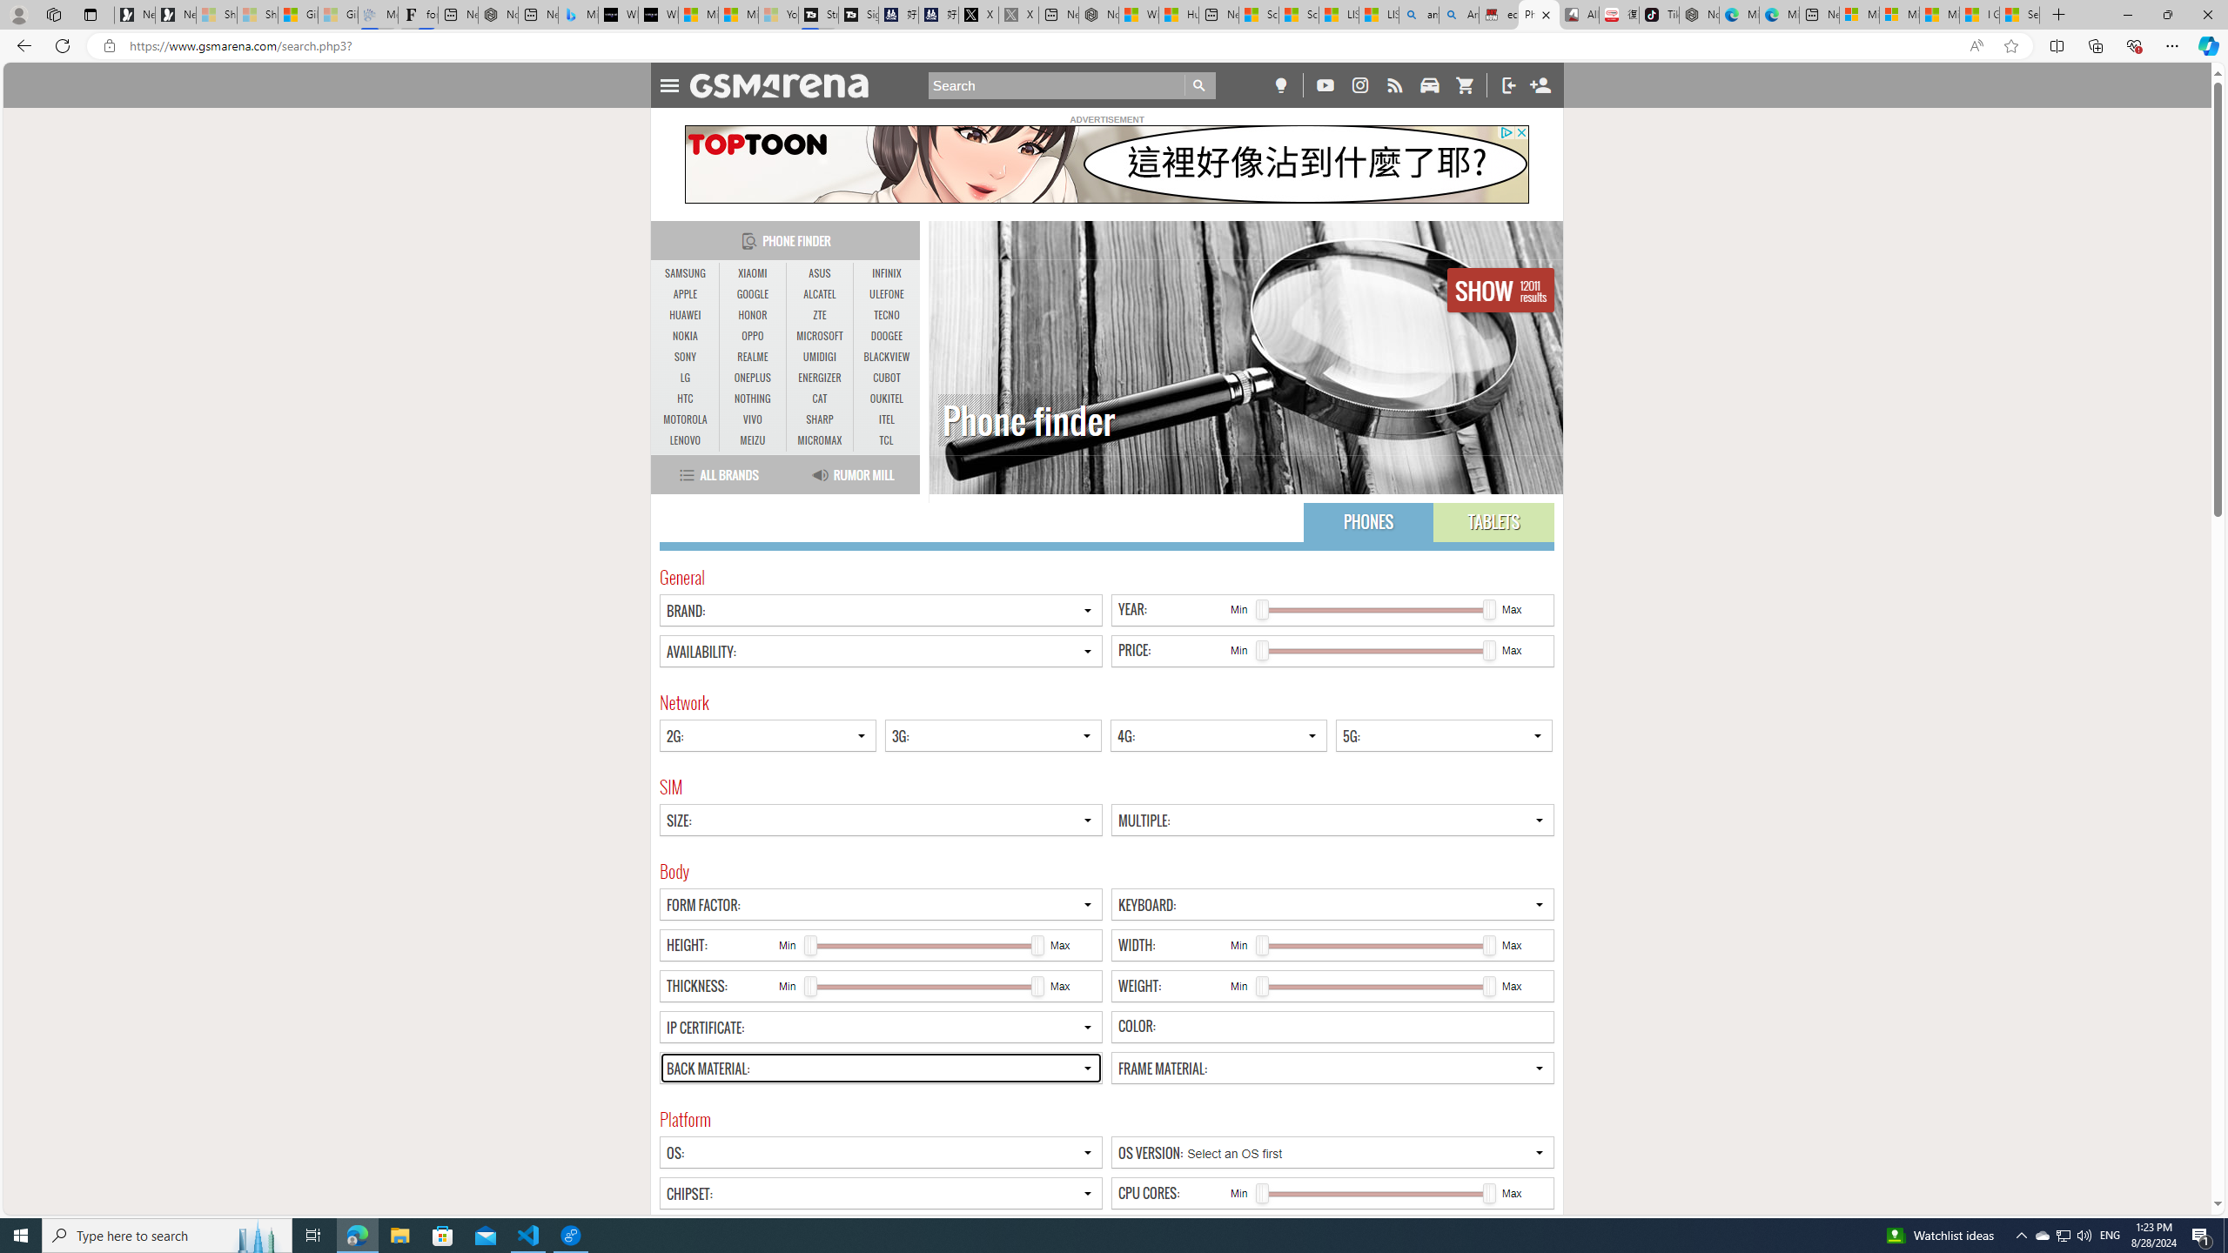 The width and height of the screenshot is (2228, 1253). What do you see at coordinates (886, 293) in the screenshot?
I see `'ULEFONE'` at bounding box center [886, 293].